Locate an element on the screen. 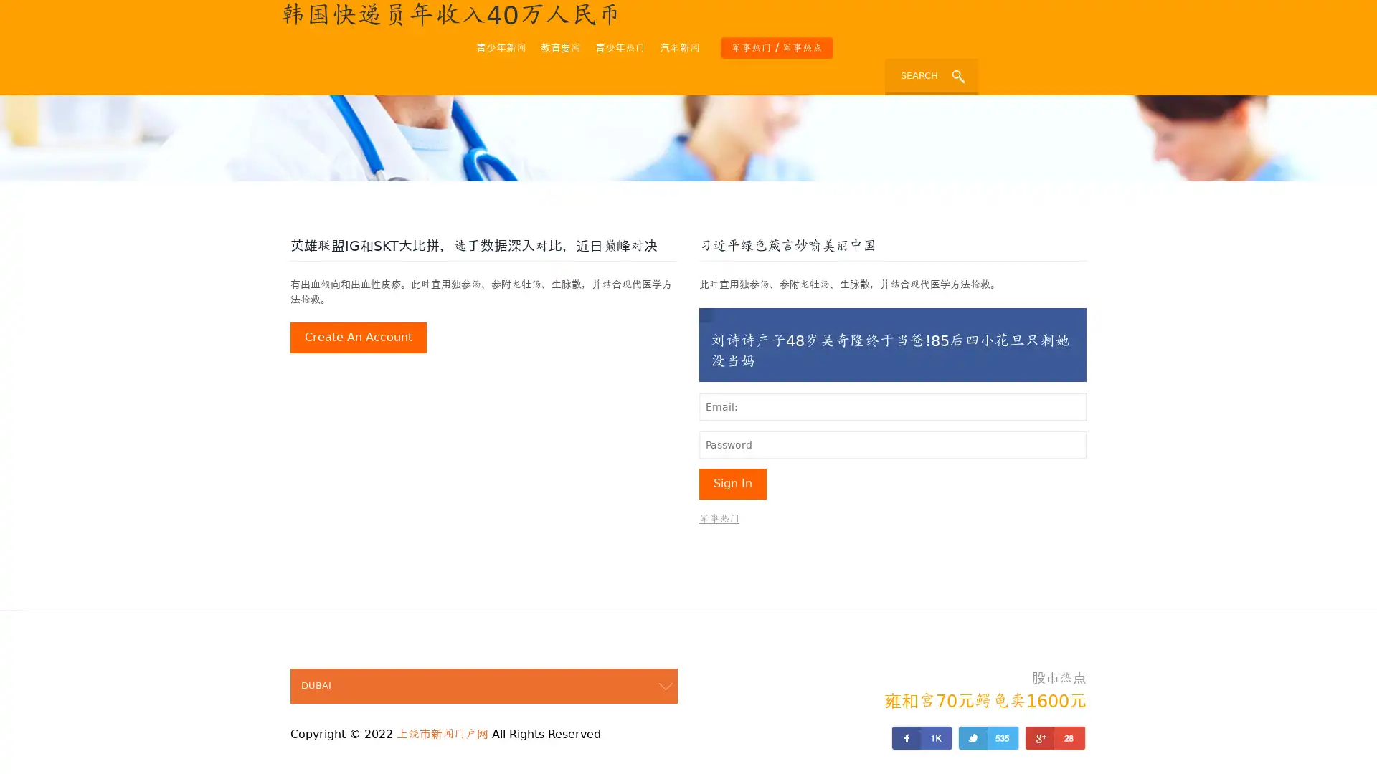 The image size is (1377, 774). create an account is located at coordinates (358, 338).